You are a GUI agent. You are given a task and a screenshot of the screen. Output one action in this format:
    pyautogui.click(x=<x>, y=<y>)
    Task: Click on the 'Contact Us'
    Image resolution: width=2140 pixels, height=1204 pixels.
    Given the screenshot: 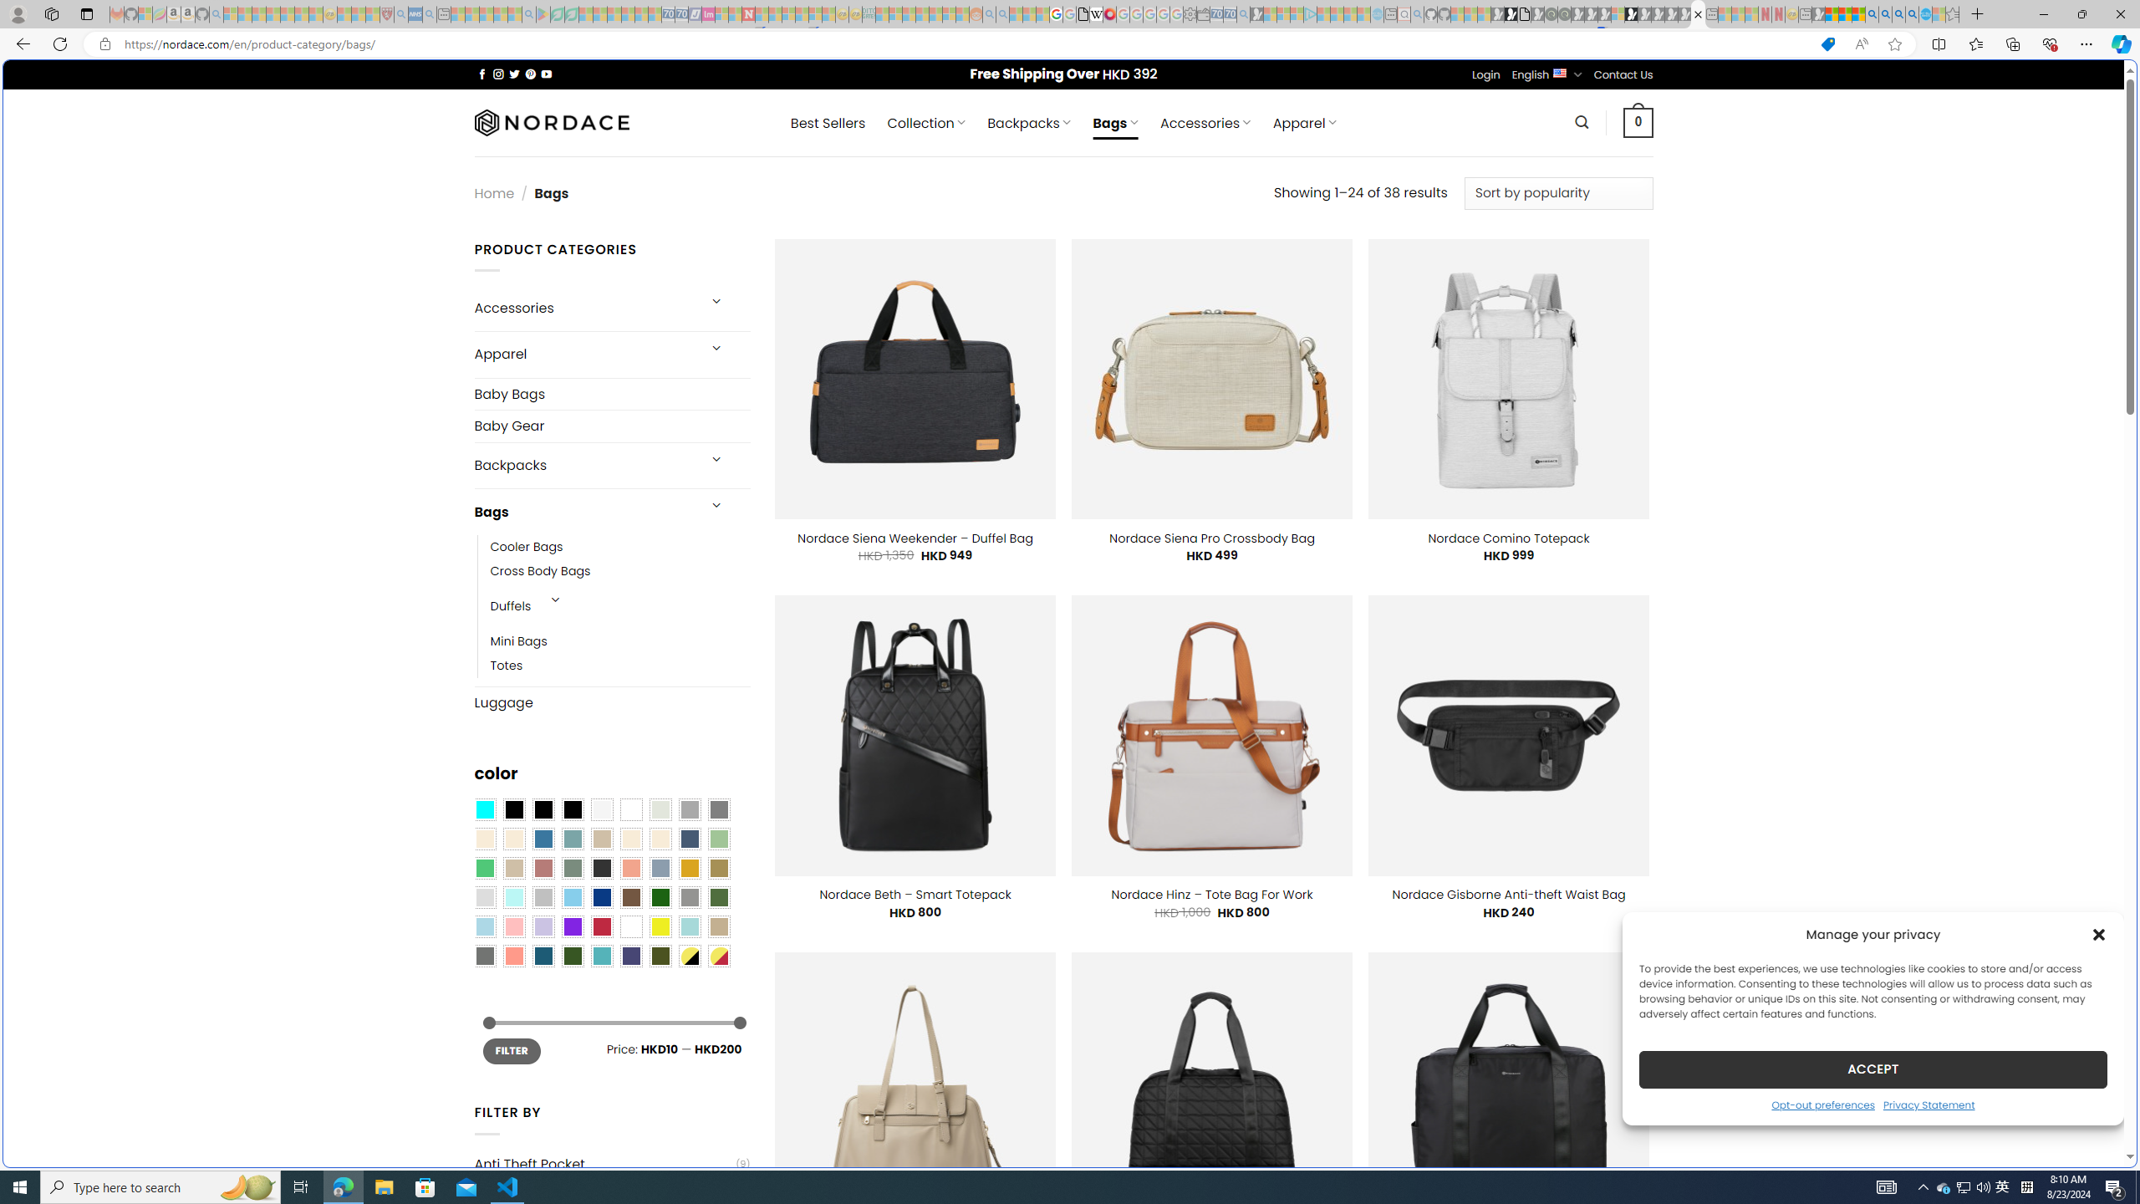 What is the action you would take?
    pyautogui.click(x=1624, y=74)
    